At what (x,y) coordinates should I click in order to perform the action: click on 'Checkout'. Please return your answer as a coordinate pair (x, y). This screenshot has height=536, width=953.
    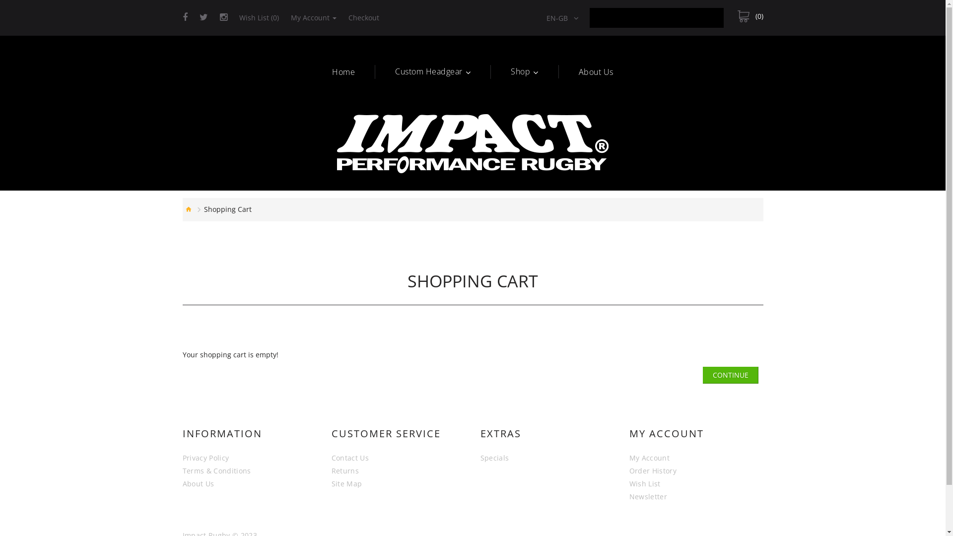
    Looking at the image, I should click on (363, 17).